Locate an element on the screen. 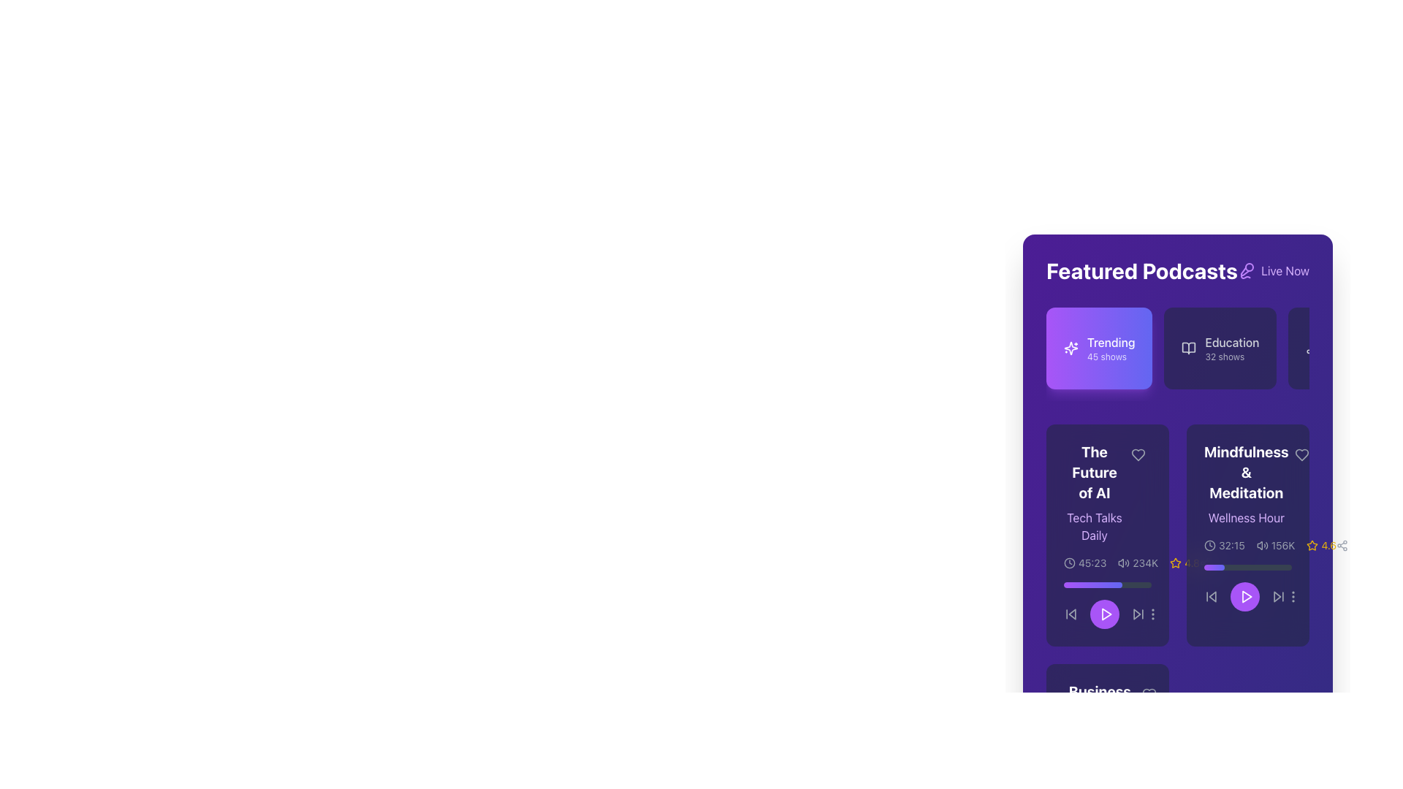  the yellow star-shaped icon representing the rating for the 'Mindfulness & Meditation' podcast is located at coordinates (1312, 545).